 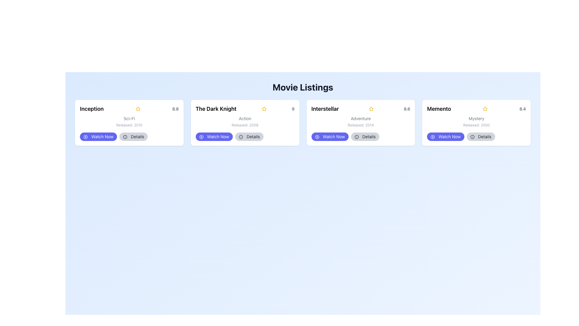 What do you see at coordinates (356, 137) in the screenshot?
I see `the decorative icon associated with the 'Details' button for the 'Interstellar' movie card, which is located at the bottom of the card that is second from the right in the movie listings` at bounding box center [356, 137].